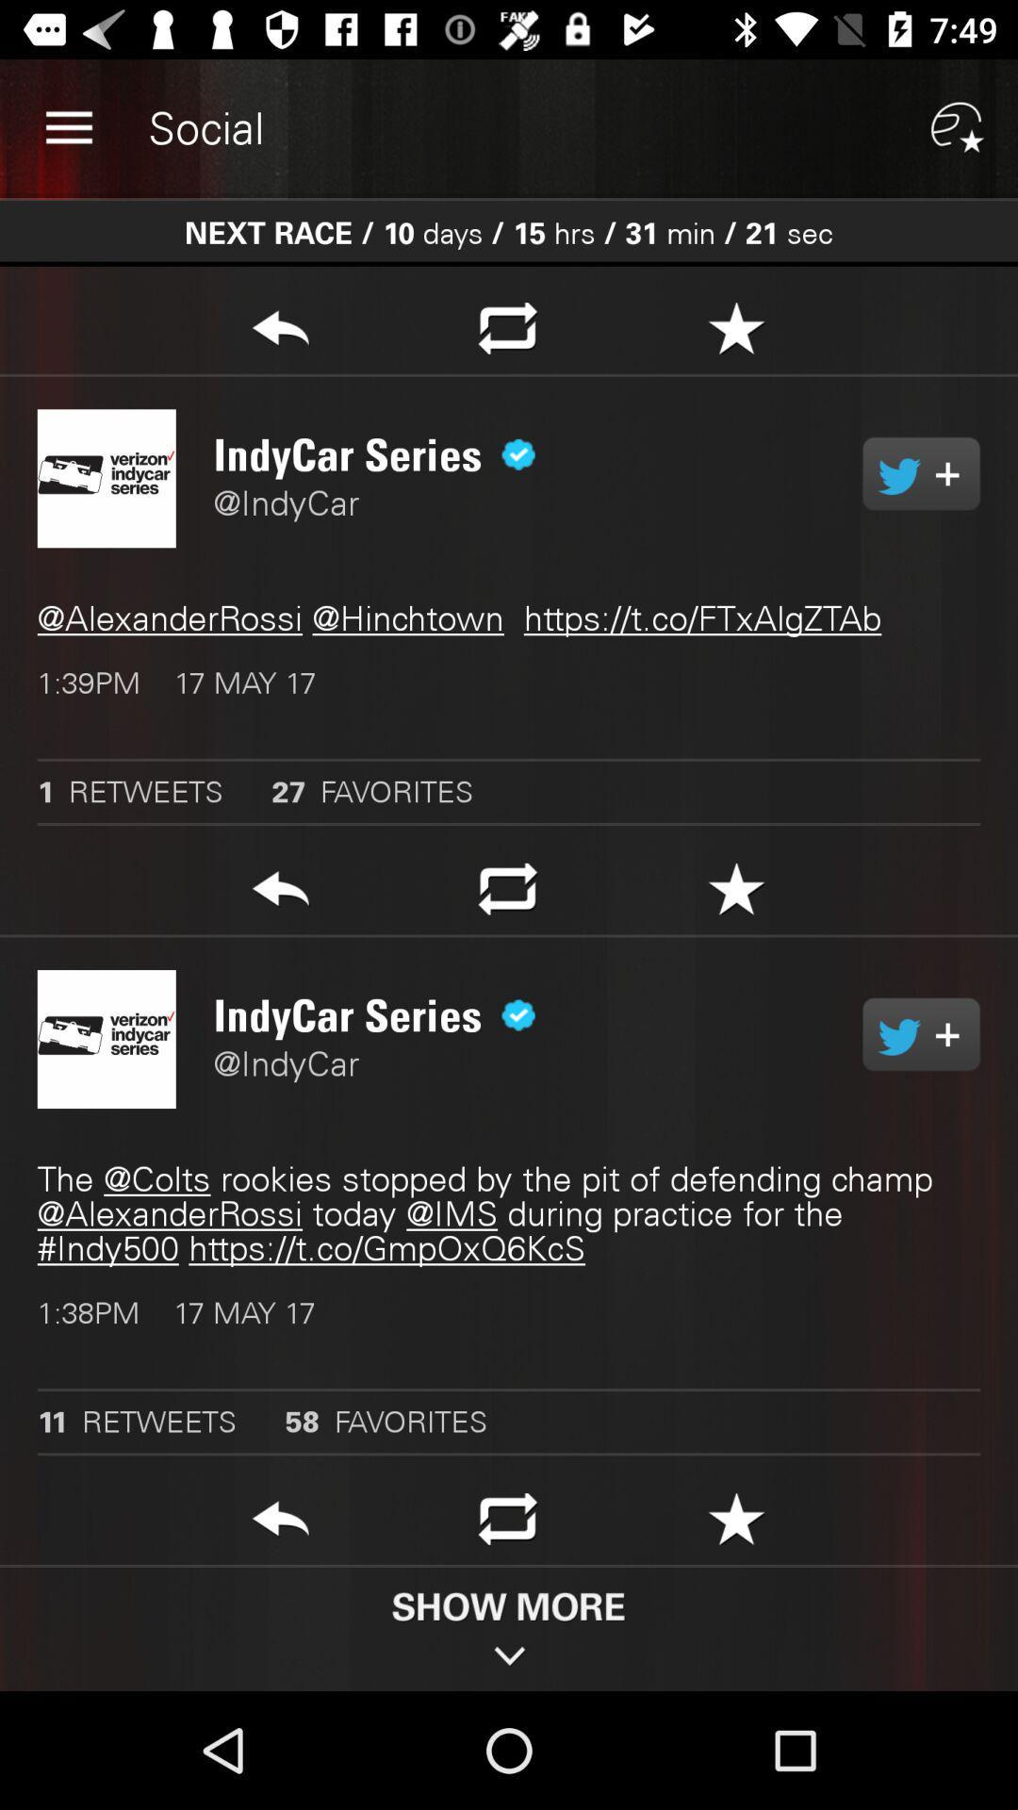 Image resolution: width=1018 pixels, height=1810 pixels. Describe the element at coordinates (735, 1524) in the screenshot. I see `favorites the tweet` at that location.